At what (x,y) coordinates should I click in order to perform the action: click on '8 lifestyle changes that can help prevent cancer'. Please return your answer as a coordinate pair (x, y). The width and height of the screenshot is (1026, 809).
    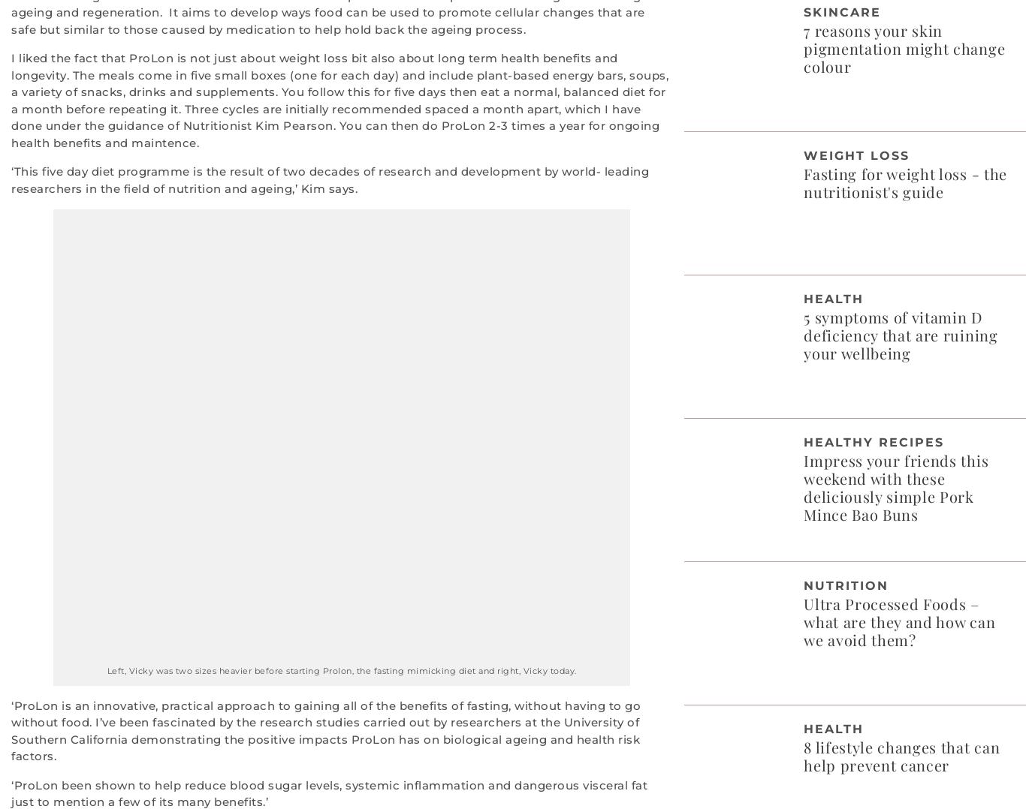
    Looking at the image, I should click on (901, 754).